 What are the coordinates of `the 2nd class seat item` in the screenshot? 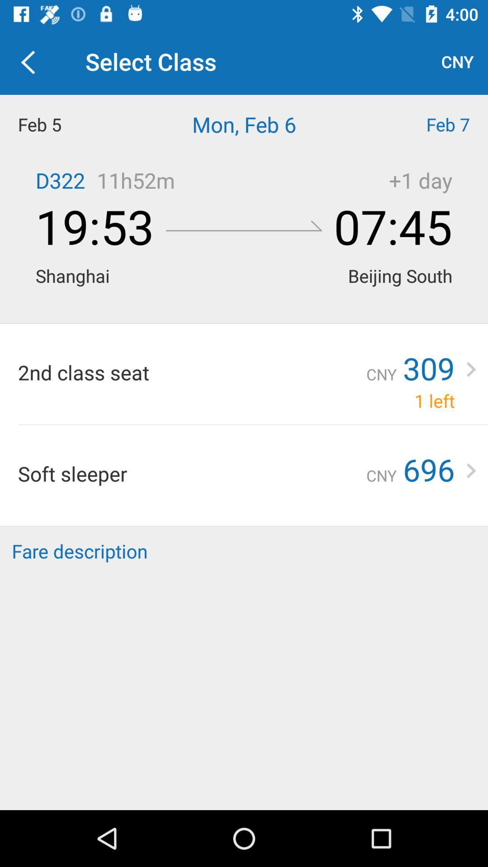 It's located at (192, 372).